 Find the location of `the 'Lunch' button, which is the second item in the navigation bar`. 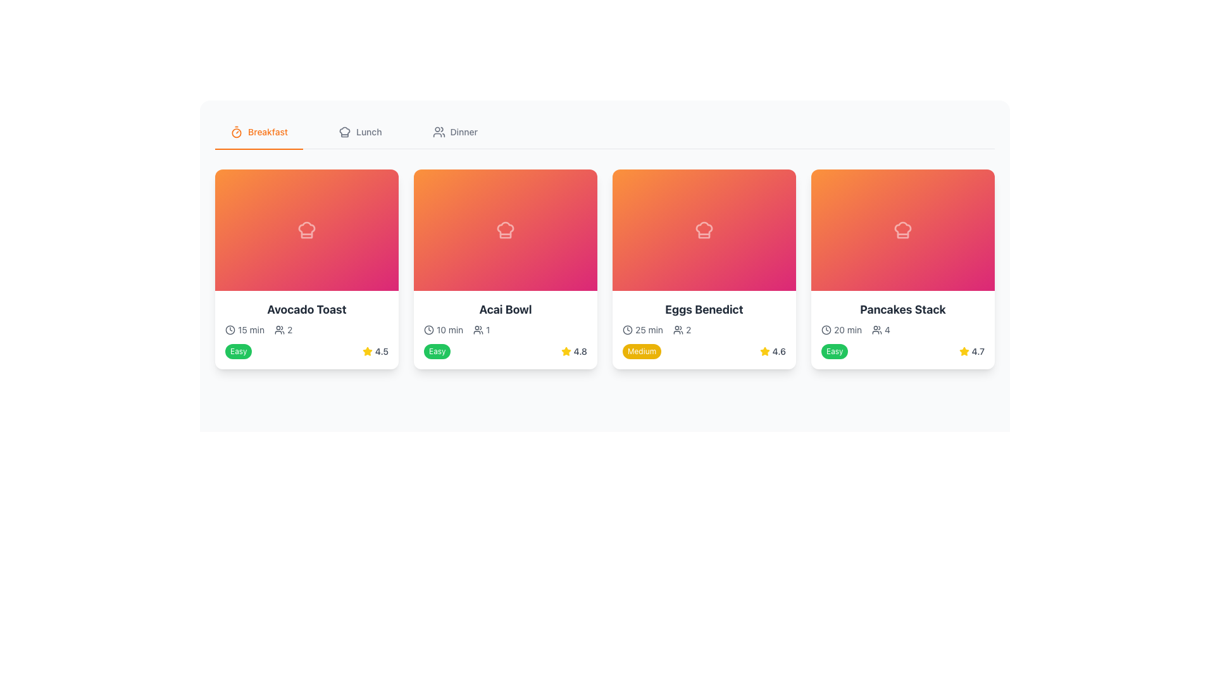

the 'Lunch' button, which is the second item in the navigation bar is located at coordinates (359, 132).